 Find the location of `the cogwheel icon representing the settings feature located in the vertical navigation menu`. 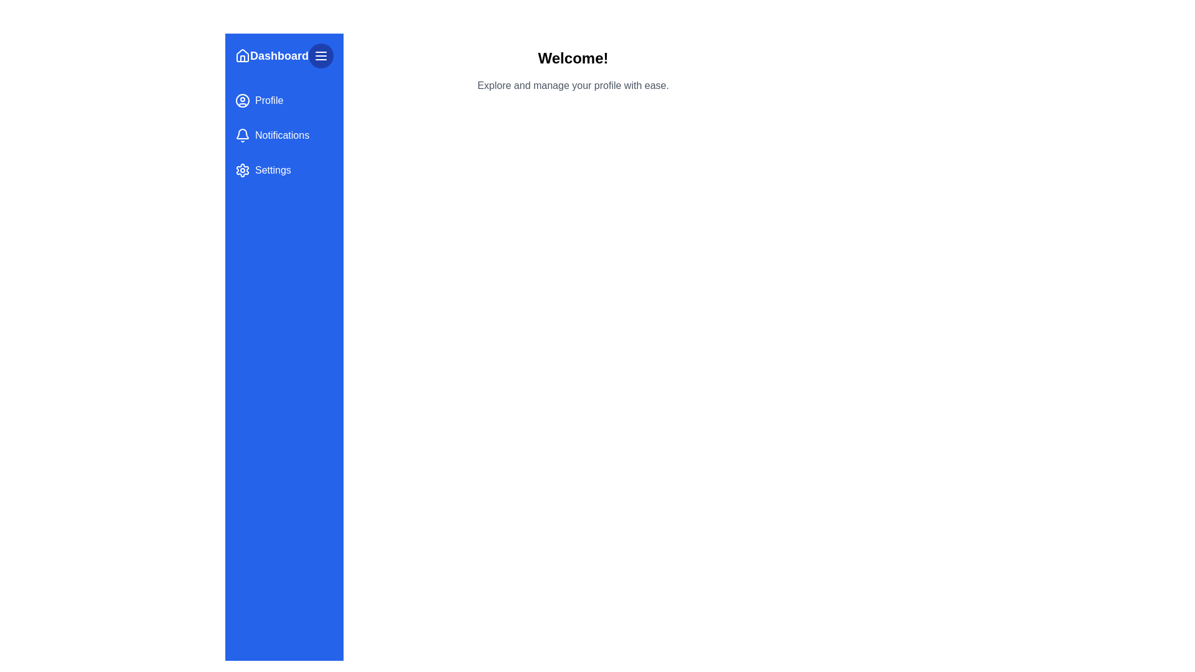

the cogwheel icon representing the settings feature located in the vertical navigation menu is located at coordinates (242, 170).